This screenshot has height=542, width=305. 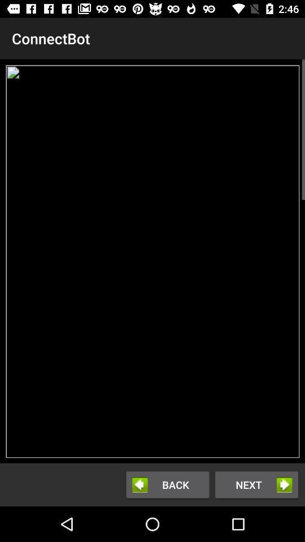 I want to click on icon to the right of the back button, so click(x=256, y=484).